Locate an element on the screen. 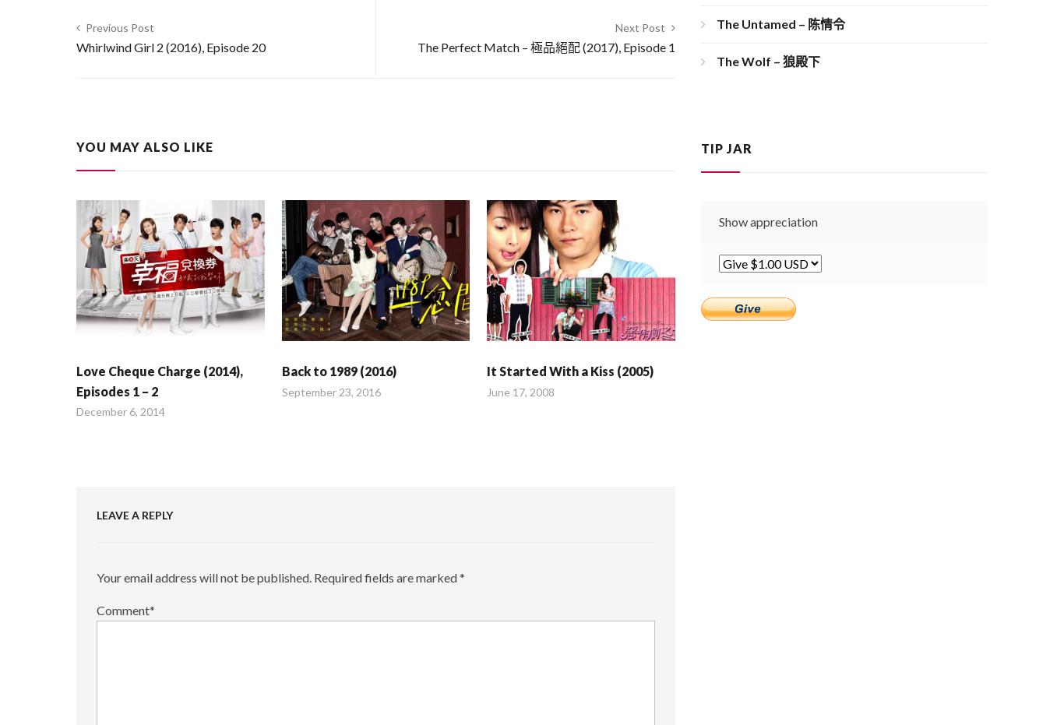 The image size is (1064, 725). 'The Untamed – 陈情令' is located at coordinates (780, 23).